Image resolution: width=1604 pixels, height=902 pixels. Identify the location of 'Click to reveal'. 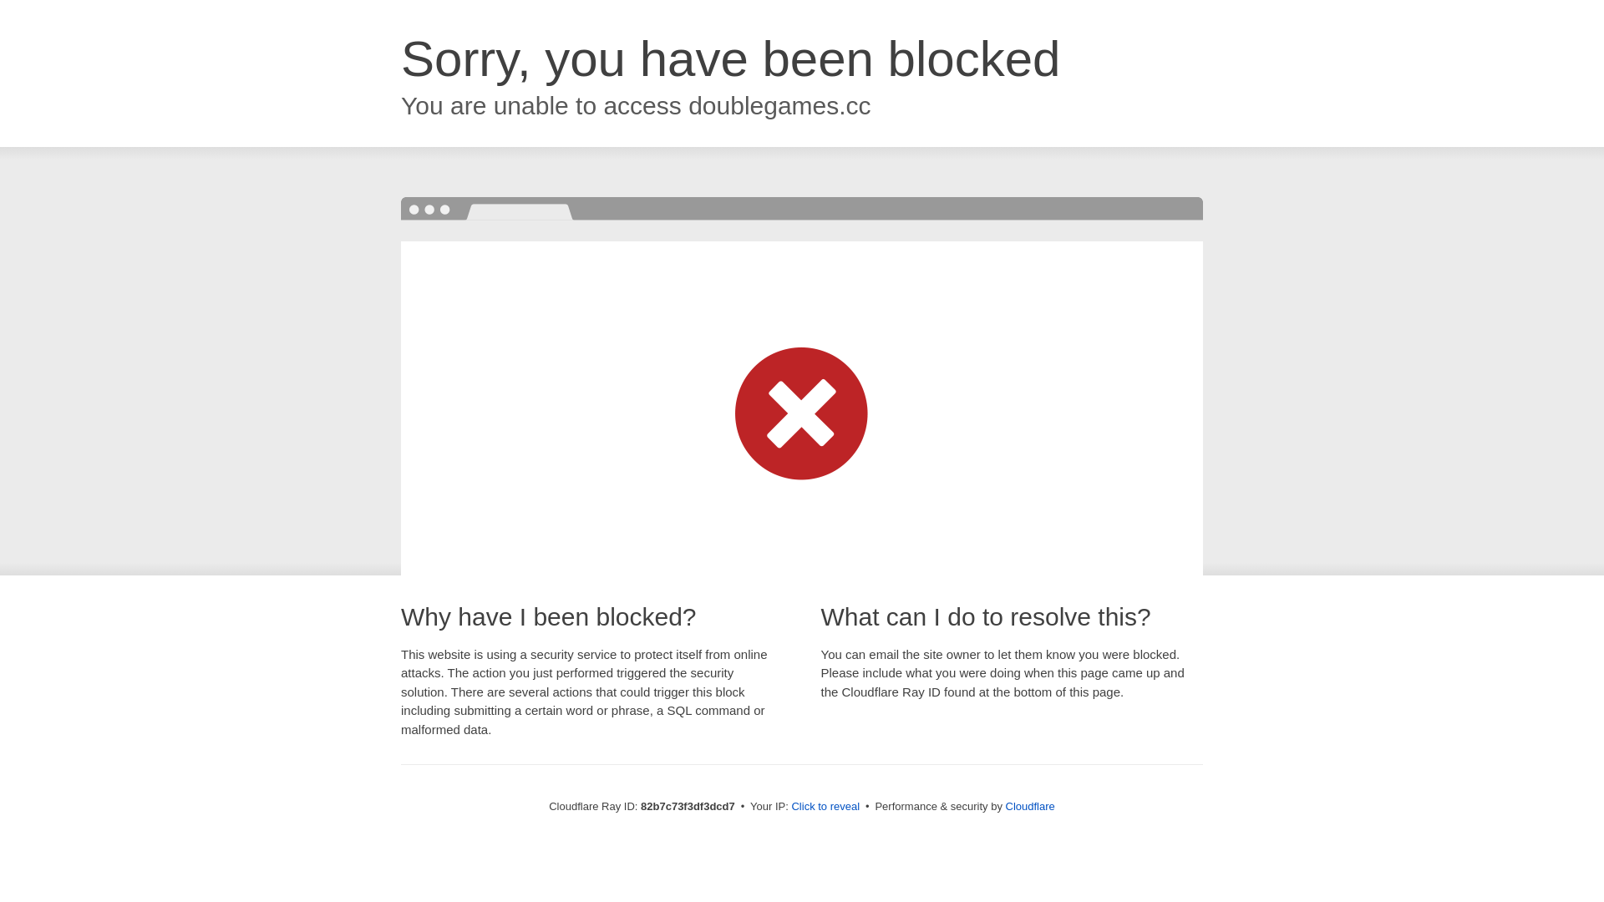
(825, 805).